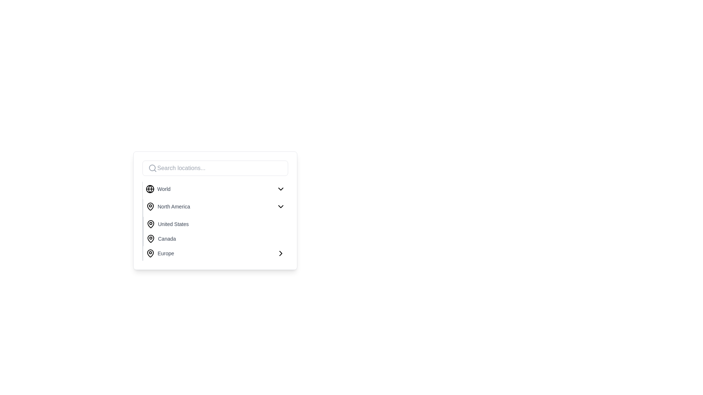  I want to click on the Vector-based map pin icon that resembles a location pin and is aligned with the text 'Canada' in the dropdown menu, so click(150, 238).